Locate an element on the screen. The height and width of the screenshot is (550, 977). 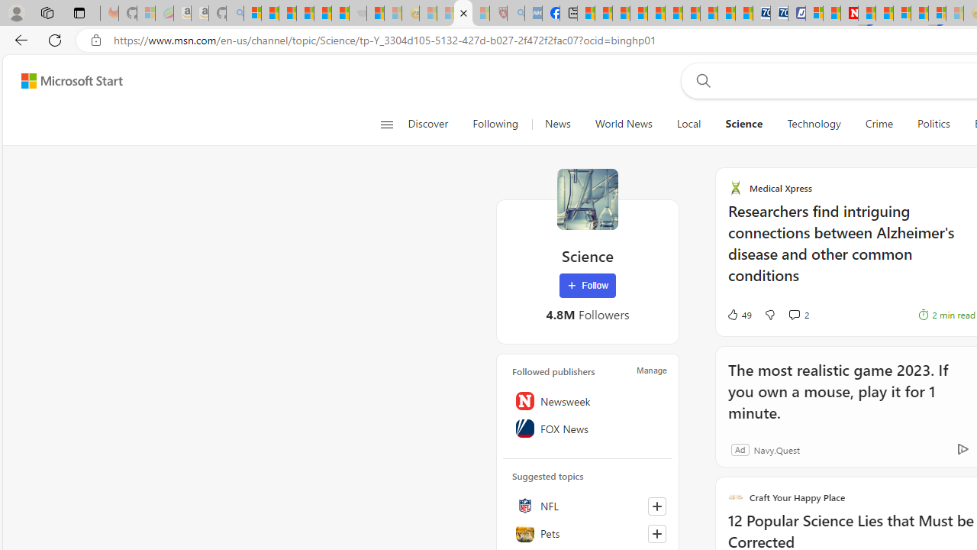
'New Report Confirms 2023 Was Record Hot | Watch' is located at coordinates (322, 13).